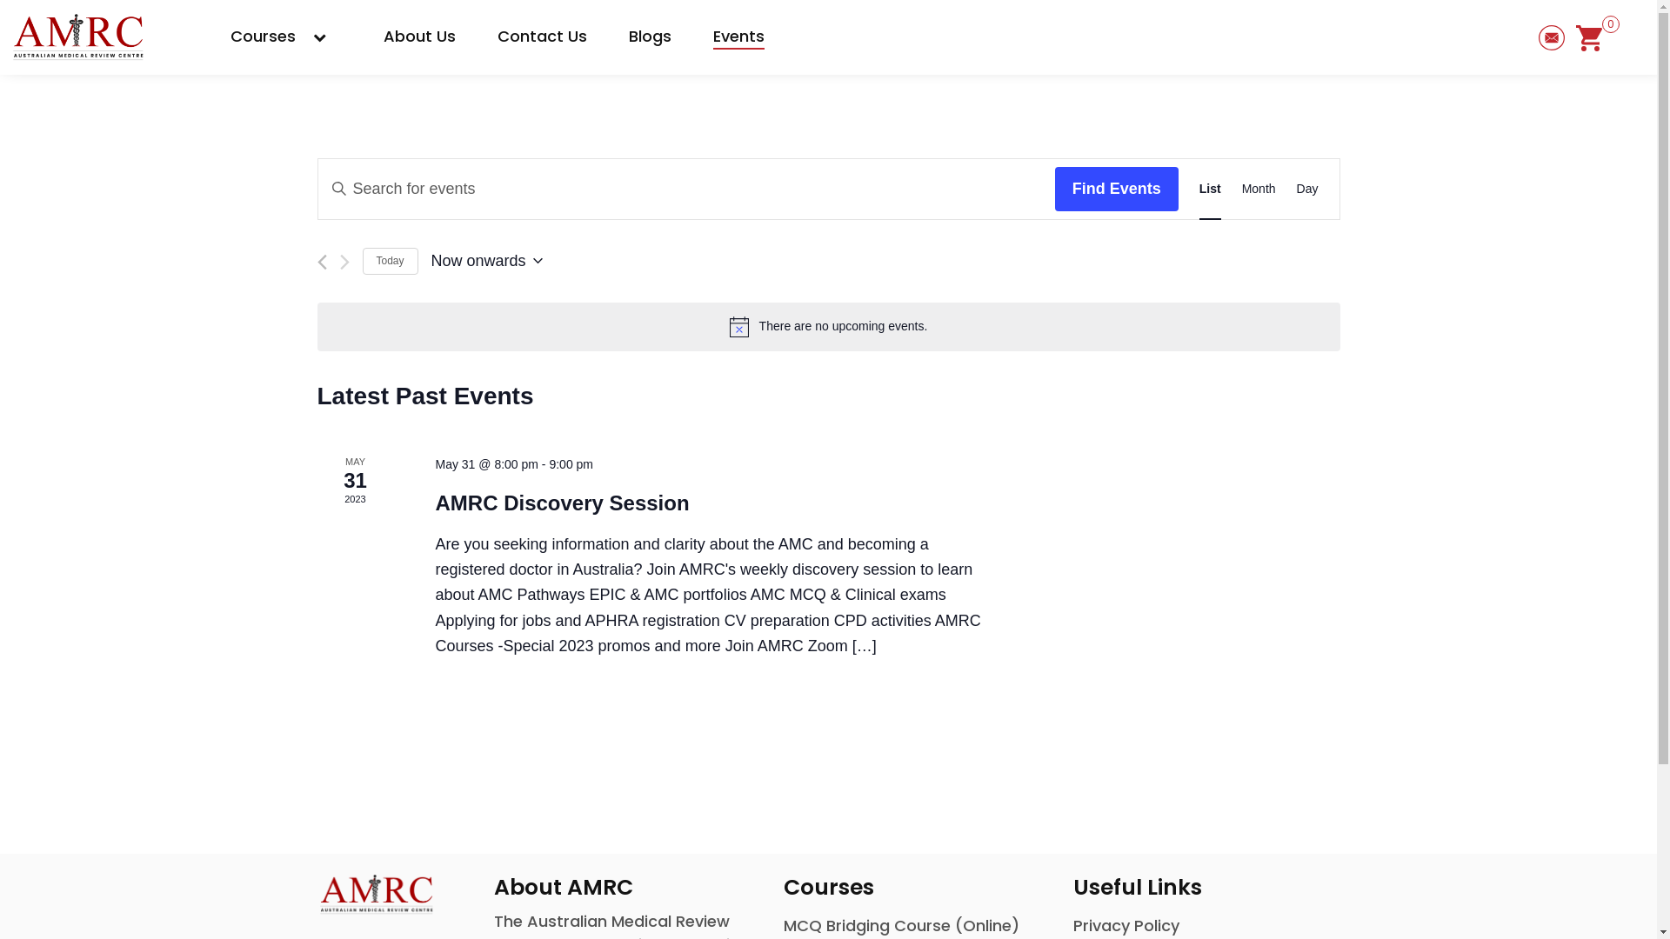 The image size is (1670, 939). Describe the element at coordinates (1307, 189) in the screenshot. I see `'Day'` at that location.